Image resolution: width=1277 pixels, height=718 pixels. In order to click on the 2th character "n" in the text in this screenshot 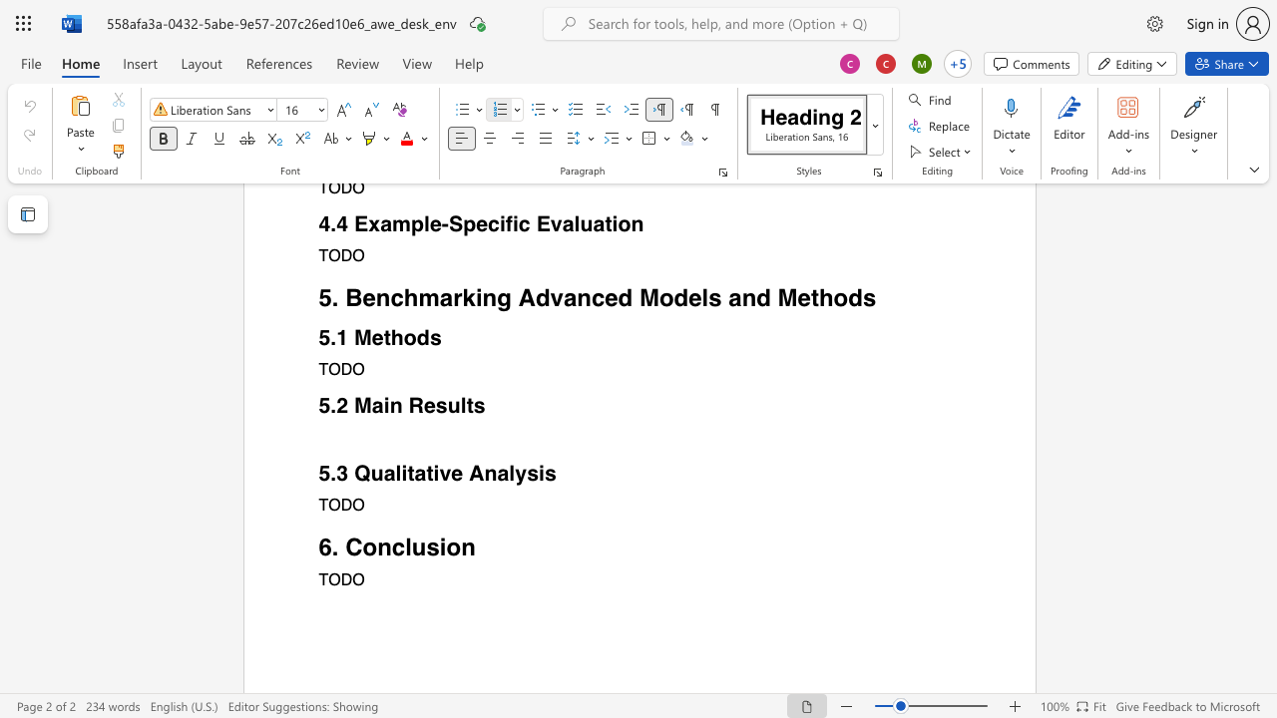, I will do `click(467, 546)`.